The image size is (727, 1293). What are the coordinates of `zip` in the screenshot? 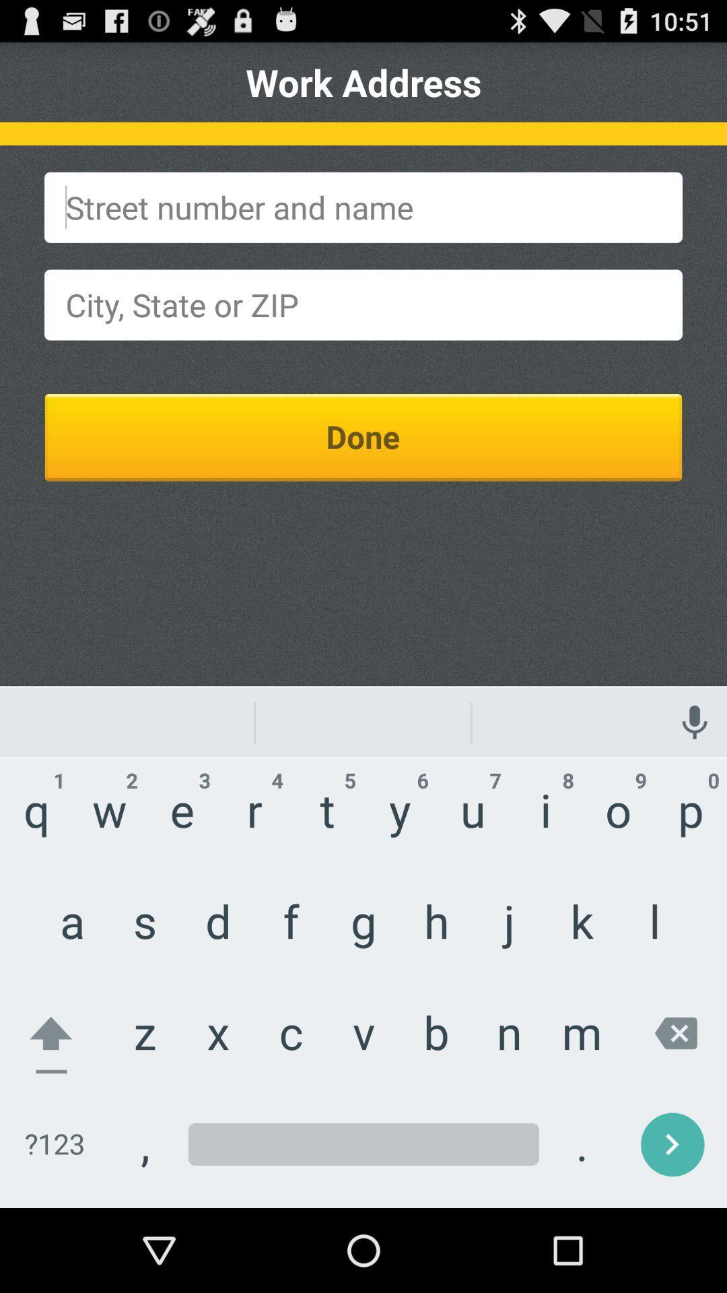 It's located at (363, 304).